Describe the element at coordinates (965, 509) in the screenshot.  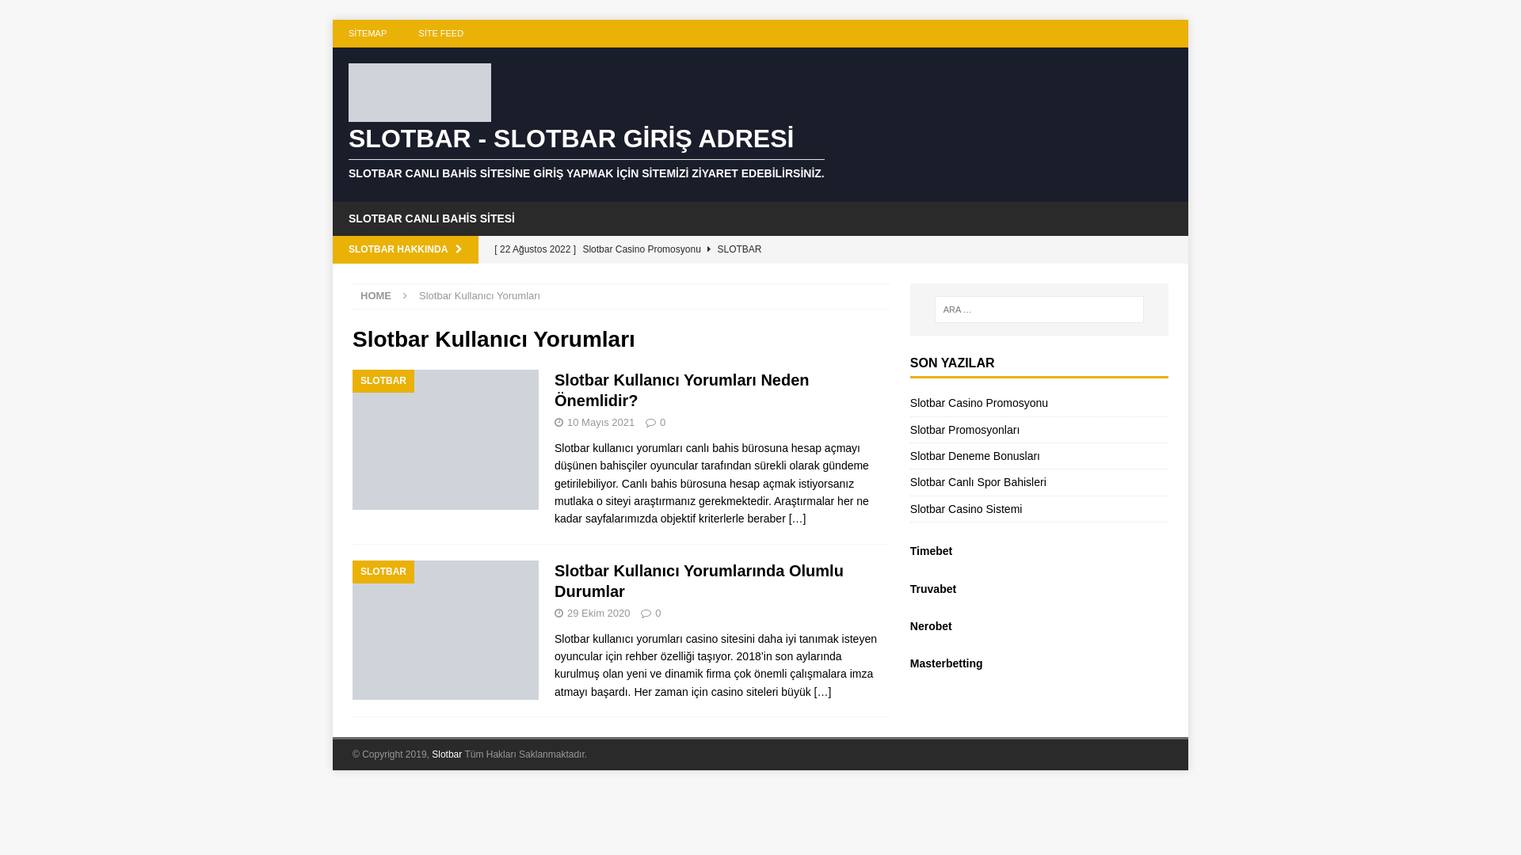
I see `'Slotbar Casino Sistemi'` at that location.